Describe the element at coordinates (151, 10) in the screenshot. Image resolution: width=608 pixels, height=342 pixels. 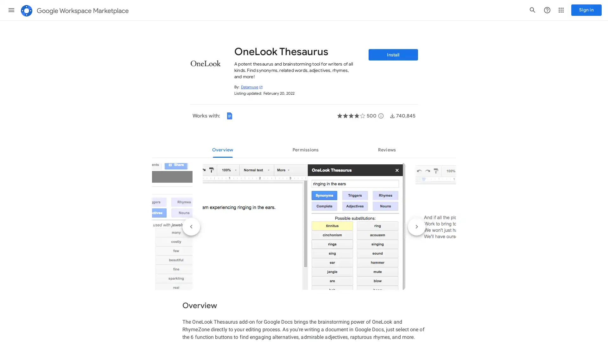
I see `Search` at that location.